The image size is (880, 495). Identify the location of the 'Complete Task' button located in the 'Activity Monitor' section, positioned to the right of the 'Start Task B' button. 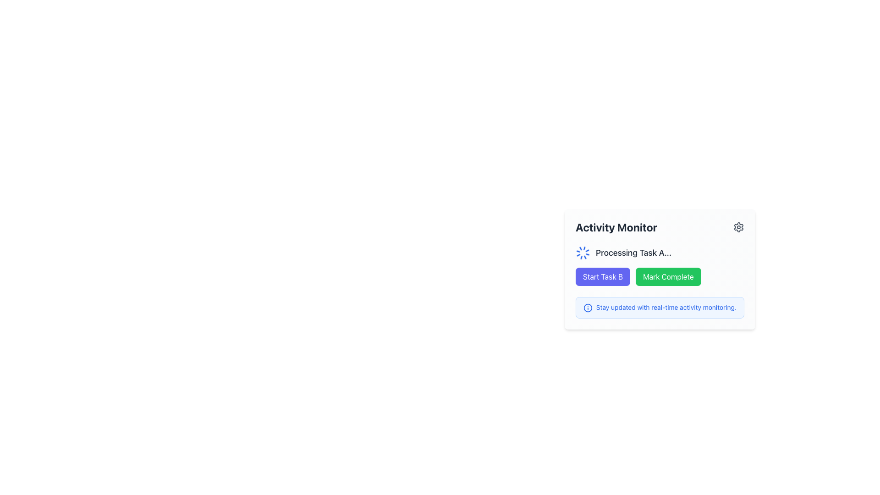
(668, 276).